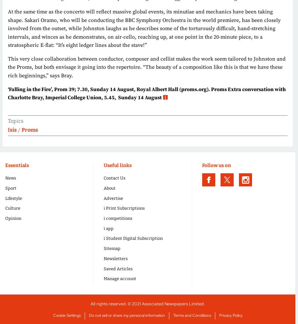  What do you see at coordinates (17, 165) in the screenshot?
I see `'Essentials'` at bounding box center [17, 165].